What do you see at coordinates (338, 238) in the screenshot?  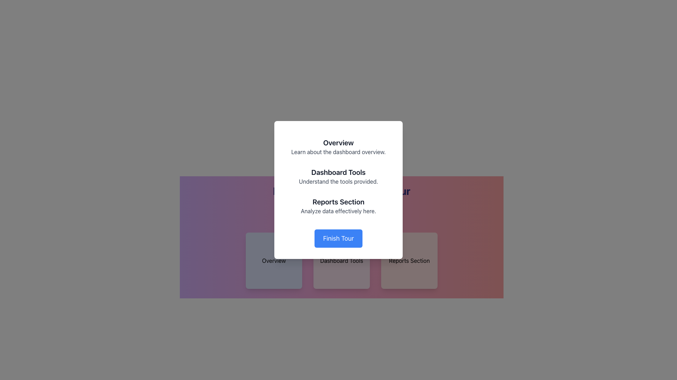 I see `the rectangular button with a blue background and white text labeled 'Finish Tour' located at the bottom center of the modal beneath 'Reports Section'` at bounding box center [338, 238].